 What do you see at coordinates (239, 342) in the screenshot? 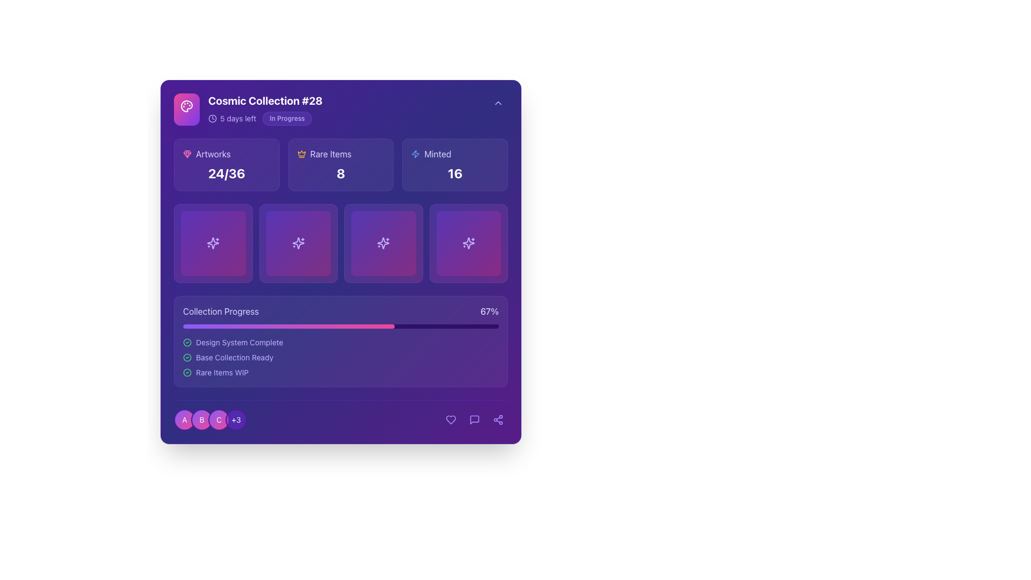
I see `the 'Design System Complete' text label in the 'Collection Progress' section, which indicates the completion status of a specific task` at bounding box center [239, 342].